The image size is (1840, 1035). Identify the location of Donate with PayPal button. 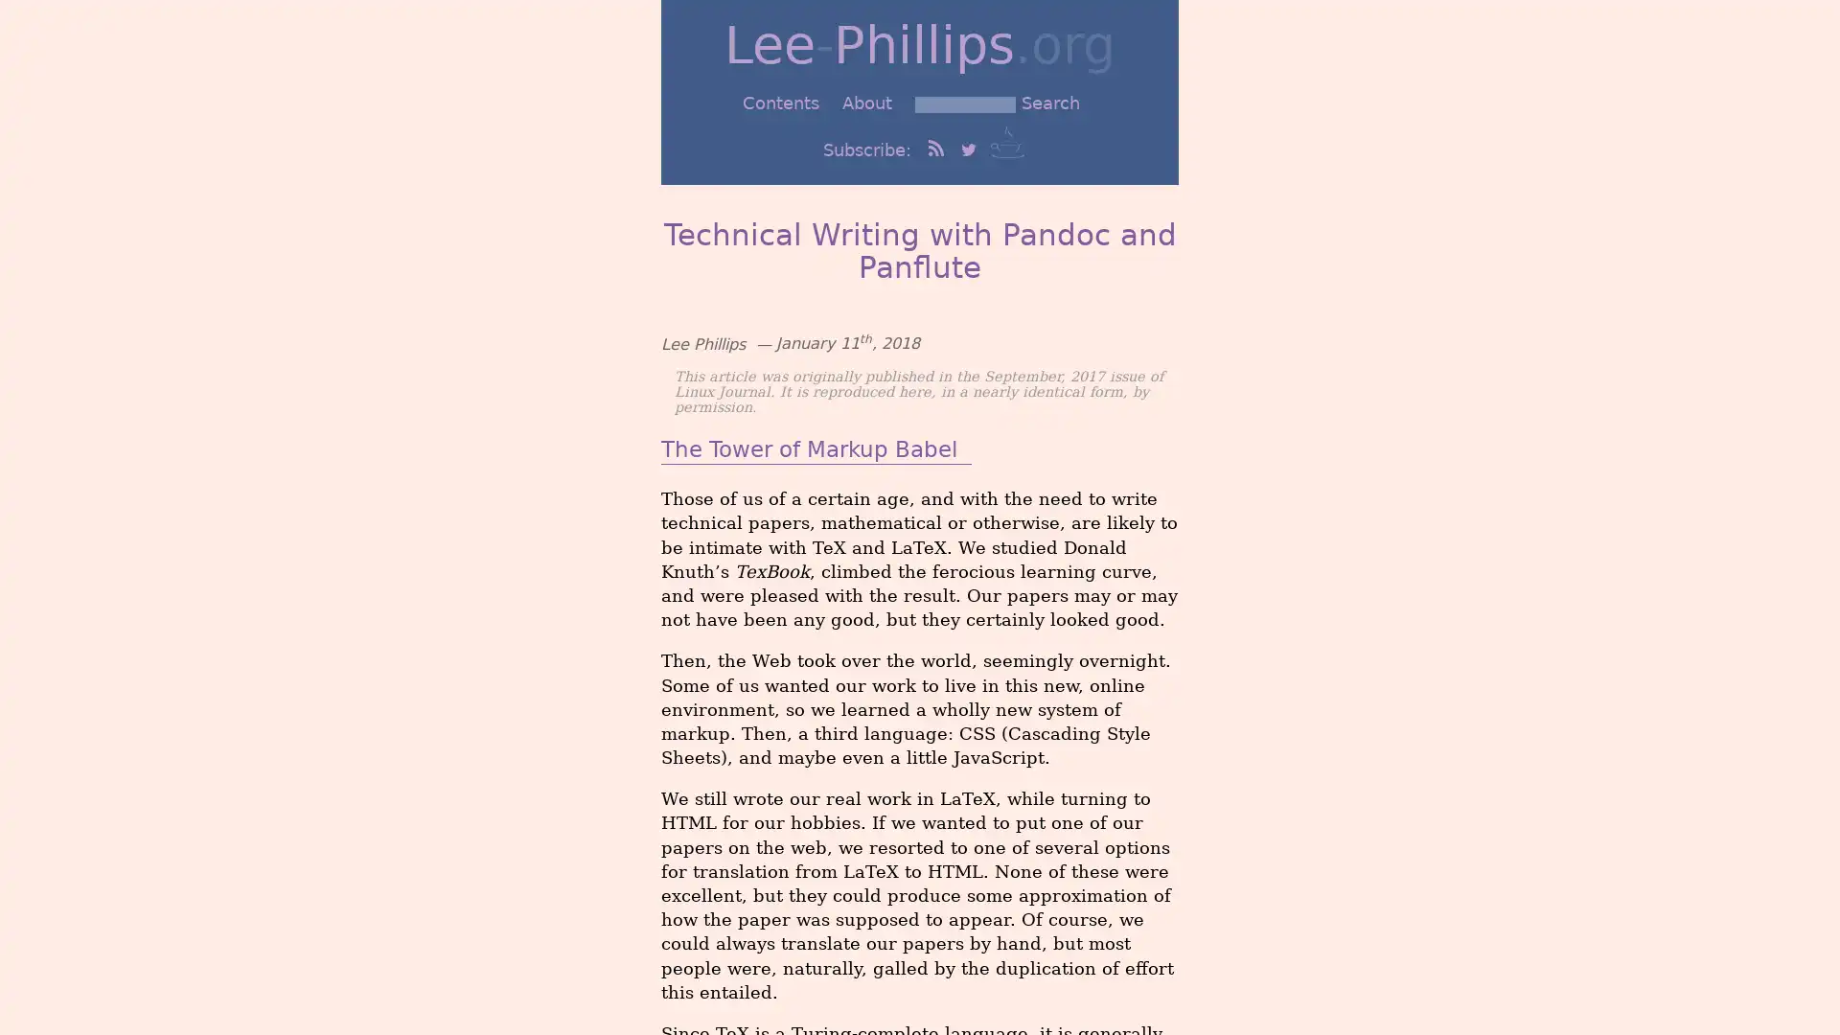
(1006, 140).